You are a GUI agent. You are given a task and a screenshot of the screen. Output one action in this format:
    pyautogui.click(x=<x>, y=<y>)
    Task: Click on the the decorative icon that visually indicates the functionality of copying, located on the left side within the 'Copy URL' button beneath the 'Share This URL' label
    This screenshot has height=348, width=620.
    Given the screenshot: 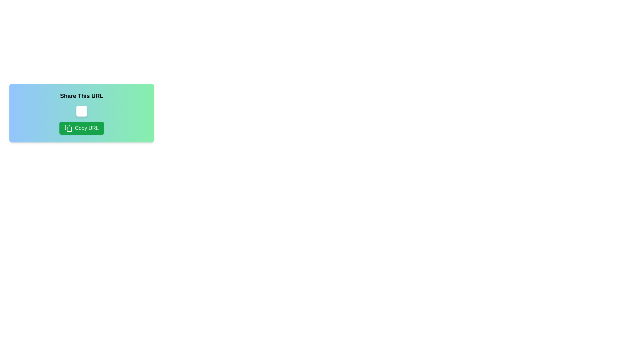 What is the action you would take?
    pyautogui.click(x=68, y=128)
    